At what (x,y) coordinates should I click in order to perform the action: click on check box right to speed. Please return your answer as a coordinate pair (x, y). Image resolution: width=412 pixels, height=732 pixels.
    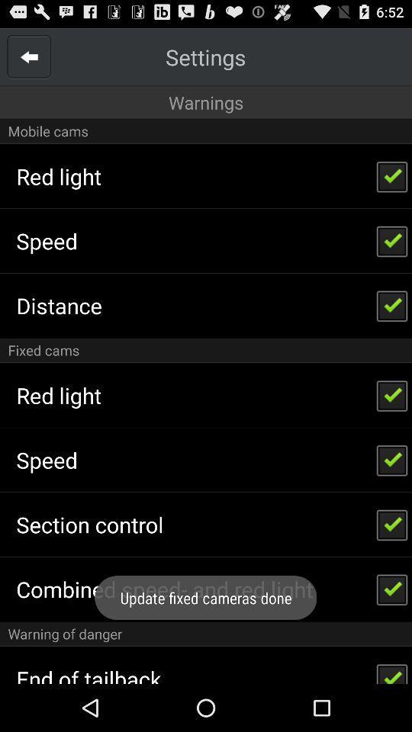
    Looking at the image, I should click on (392, 241).